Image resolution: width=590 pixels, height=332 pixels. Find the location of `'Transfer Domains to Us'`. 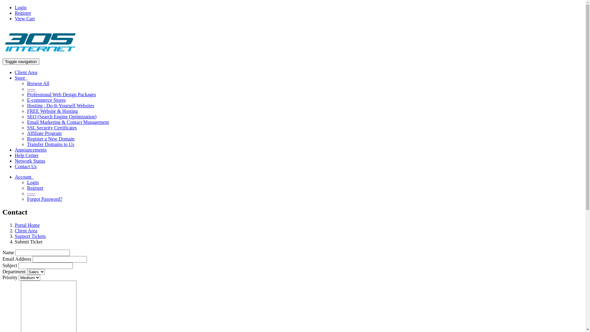

'Transfer Domains to Us' is located at coordinates (50, 144).